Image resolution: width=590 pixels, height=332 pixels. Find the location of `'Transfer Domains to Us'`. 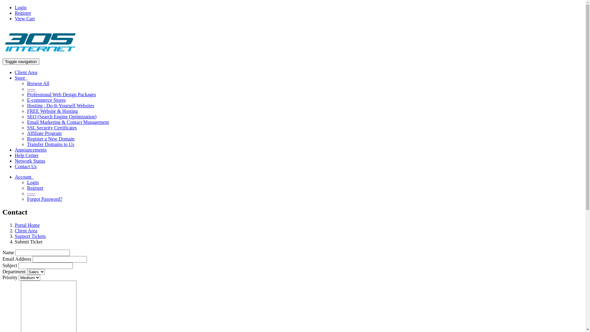

'Transfer Domains to Us' is located at coordinates (50, 144).